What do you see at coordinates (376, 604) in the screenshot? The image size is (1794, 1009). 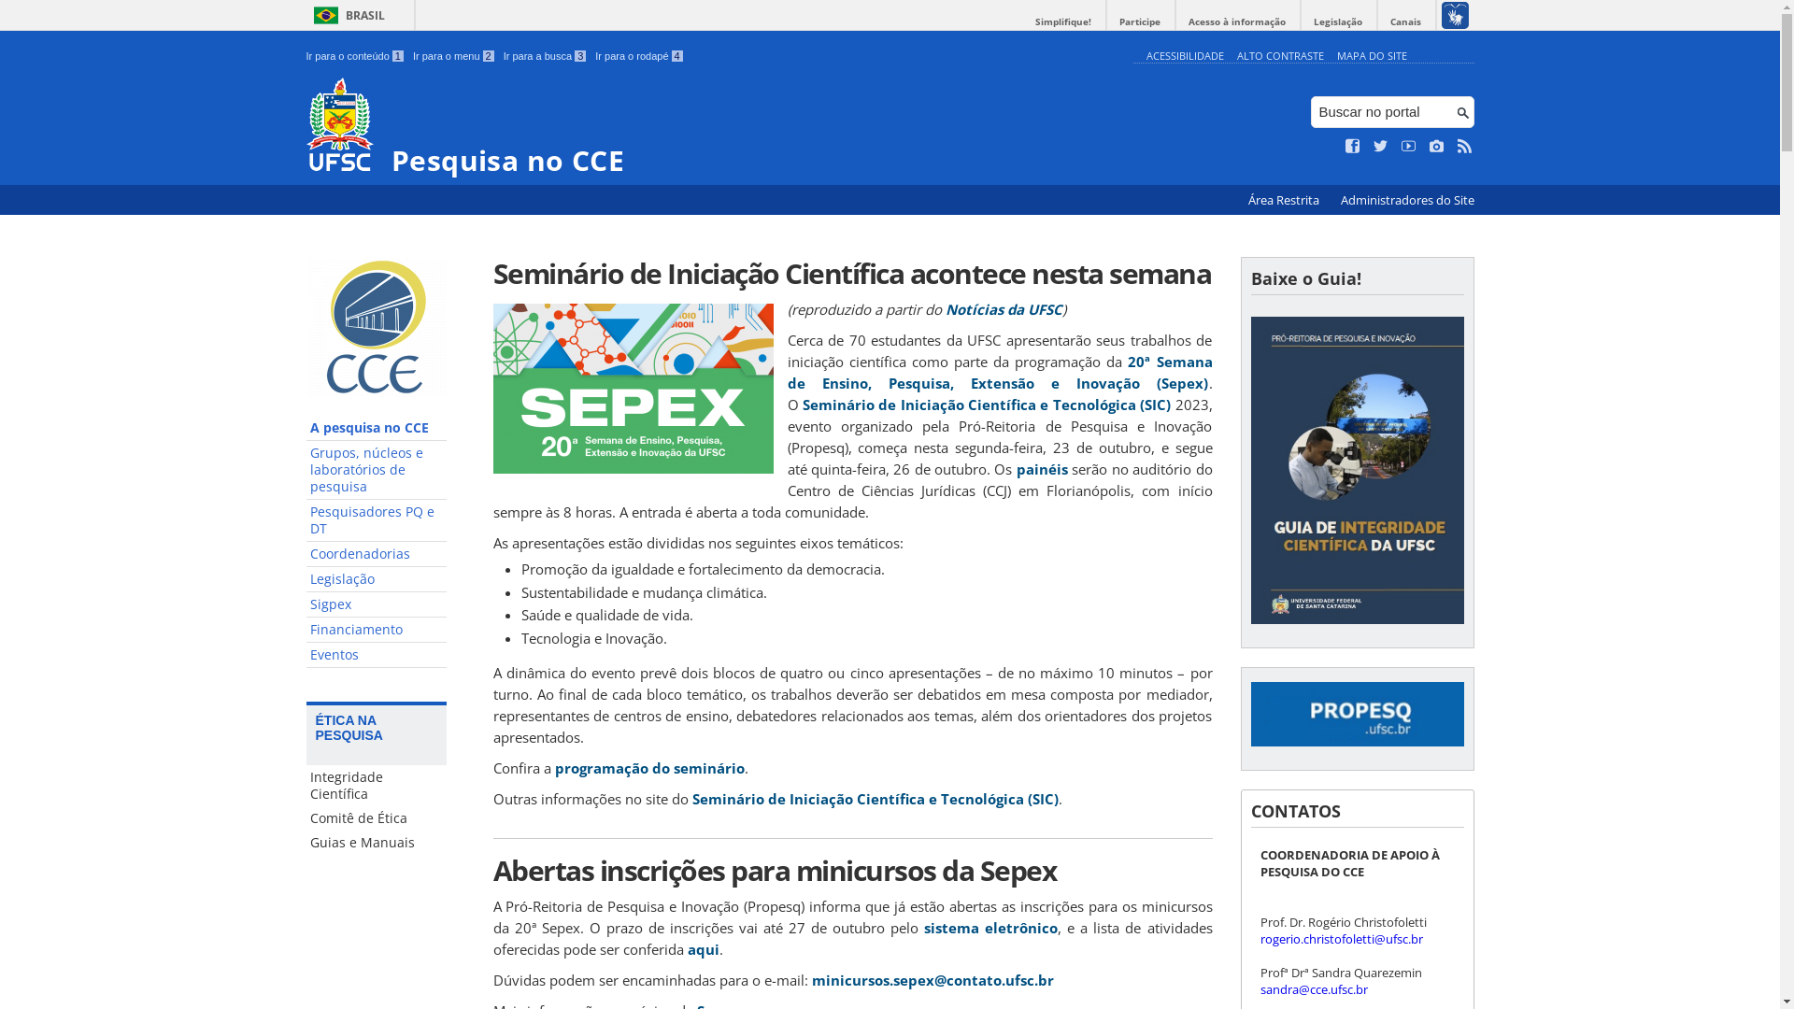 I see `'Sigpex'` at bounding box center [376, 604].